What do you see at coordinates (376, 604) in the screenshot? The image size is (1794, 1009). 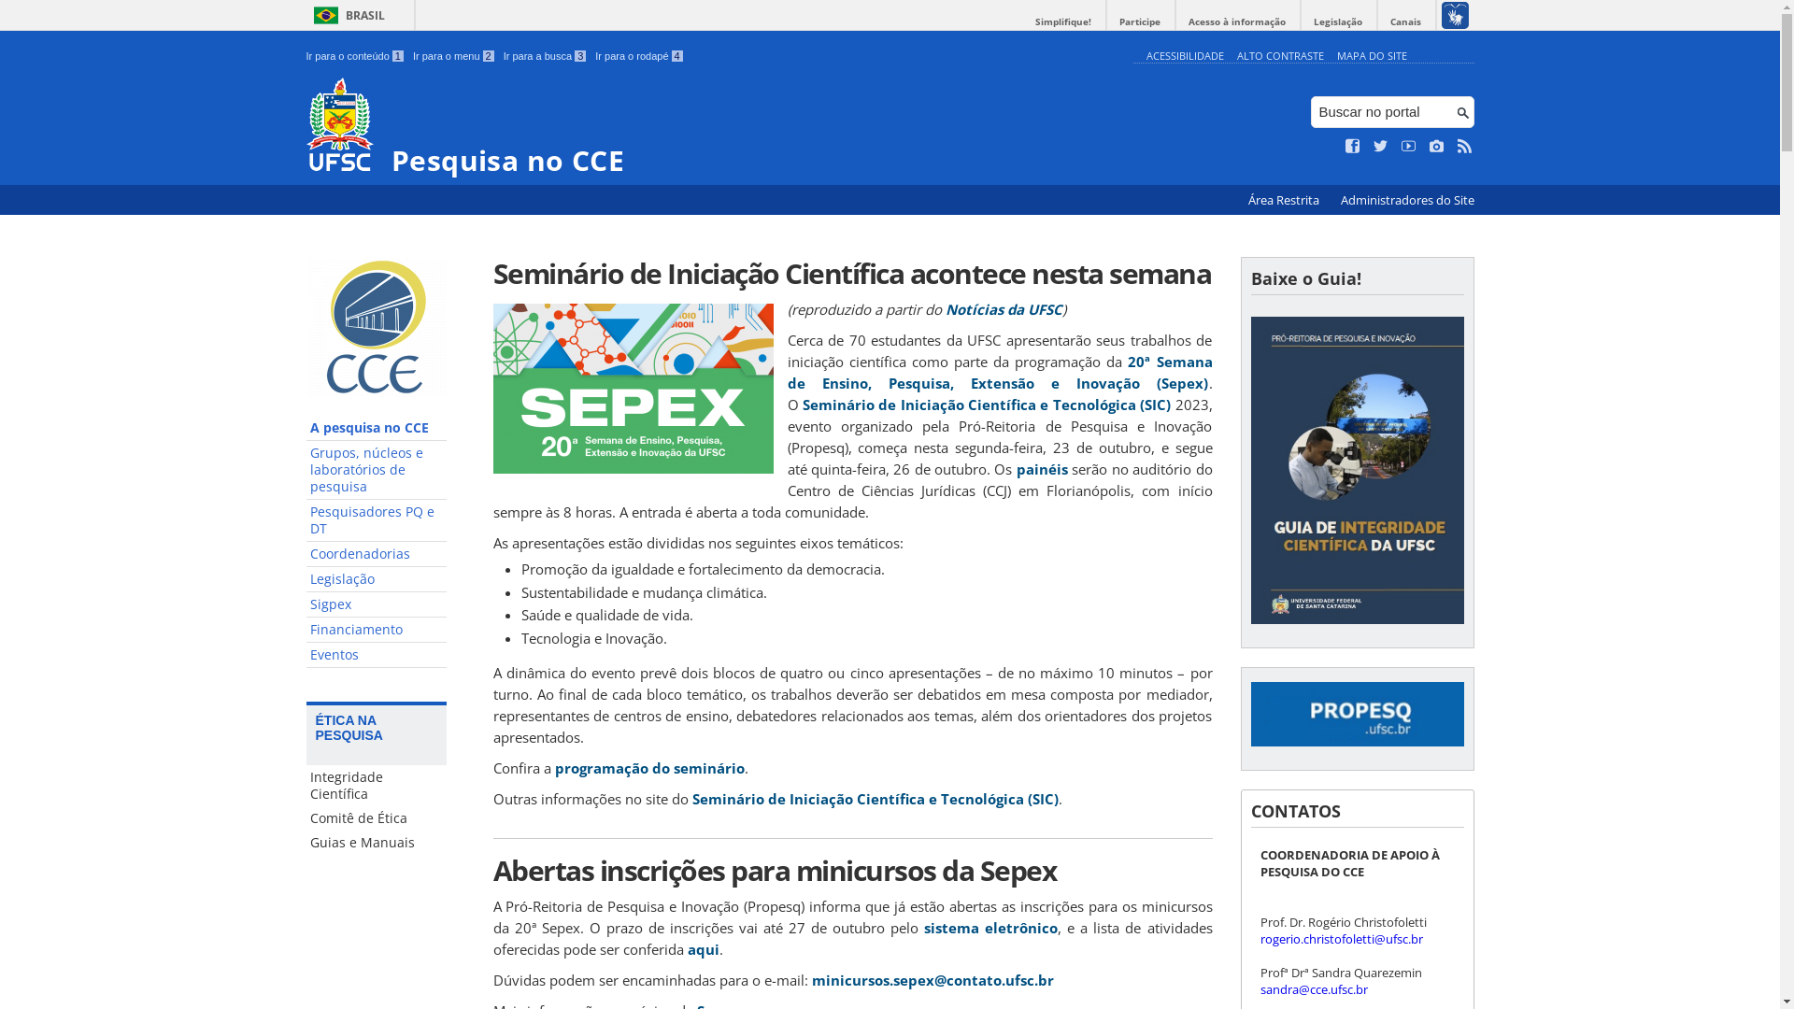 I see `'Sigpex'` at bounding box center [376, 604].